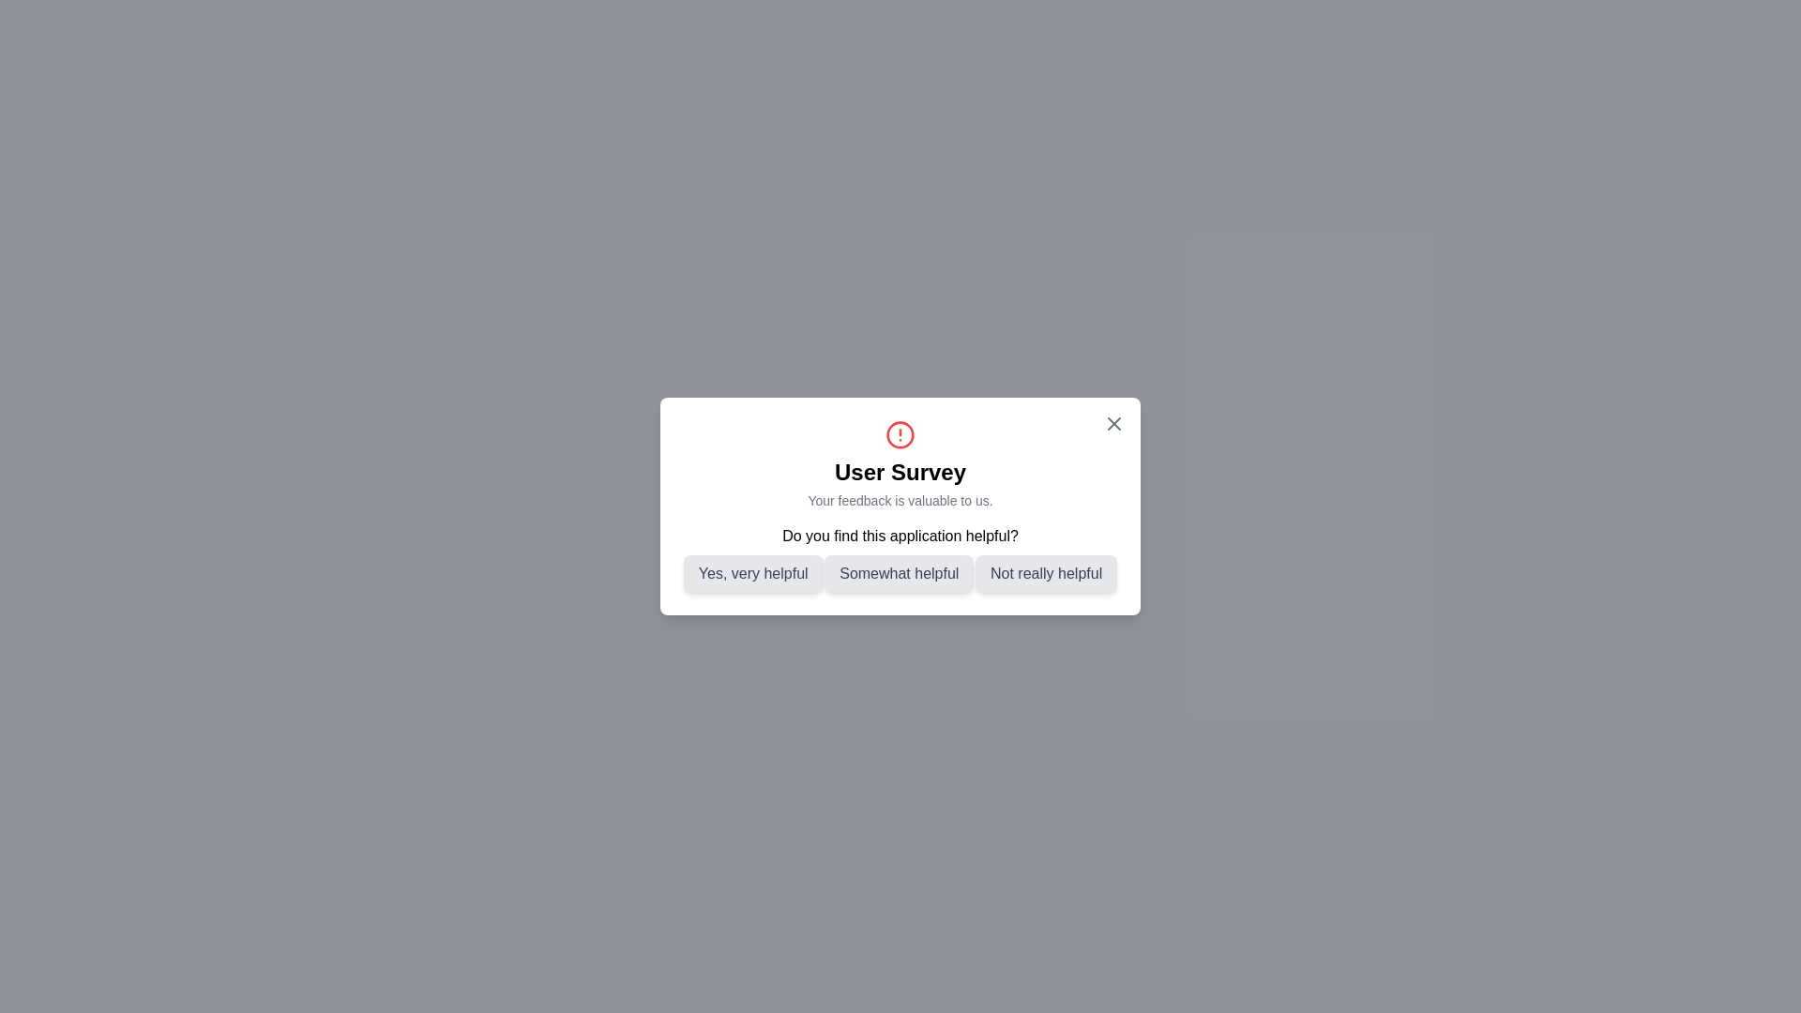  What do you see at coordinates (900, 558) in the screenshot?
I see `one of the buttons in the 'User Survey' modal dialog` at bounding box center [900, 558].